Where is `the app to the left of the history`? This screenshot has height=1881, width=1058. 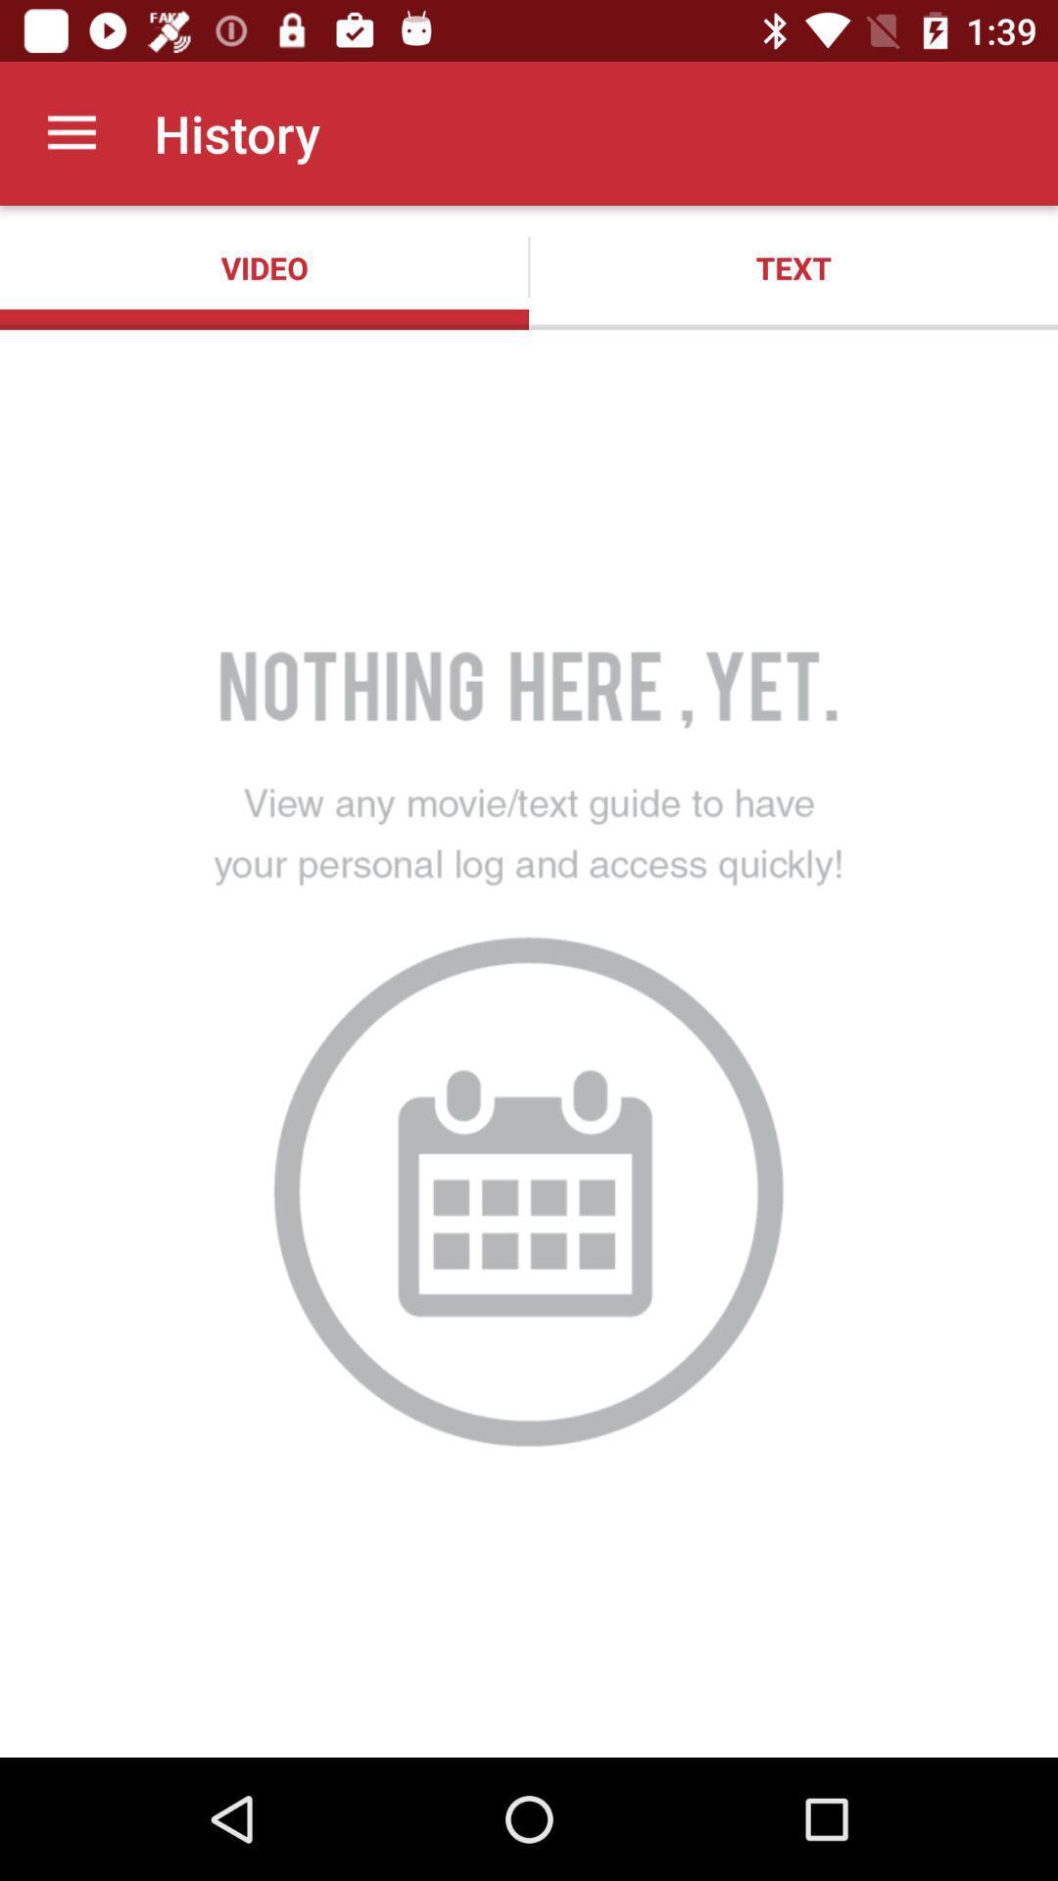
the app to the left of the history is located at coordinates (71, 132).